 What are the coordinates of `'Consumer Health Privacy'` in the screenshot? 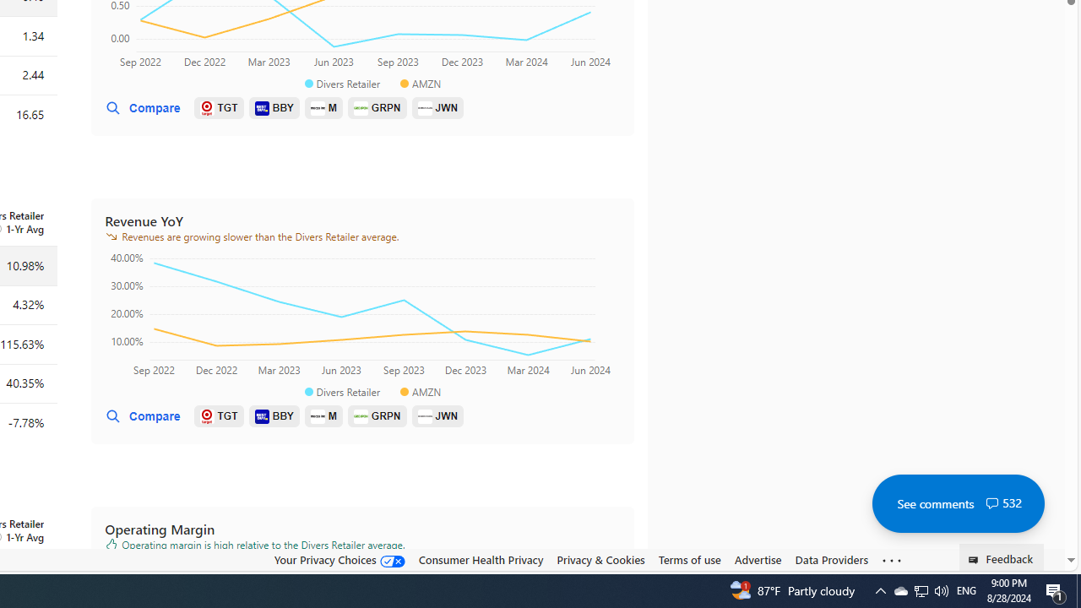 It's located at (480, 559).